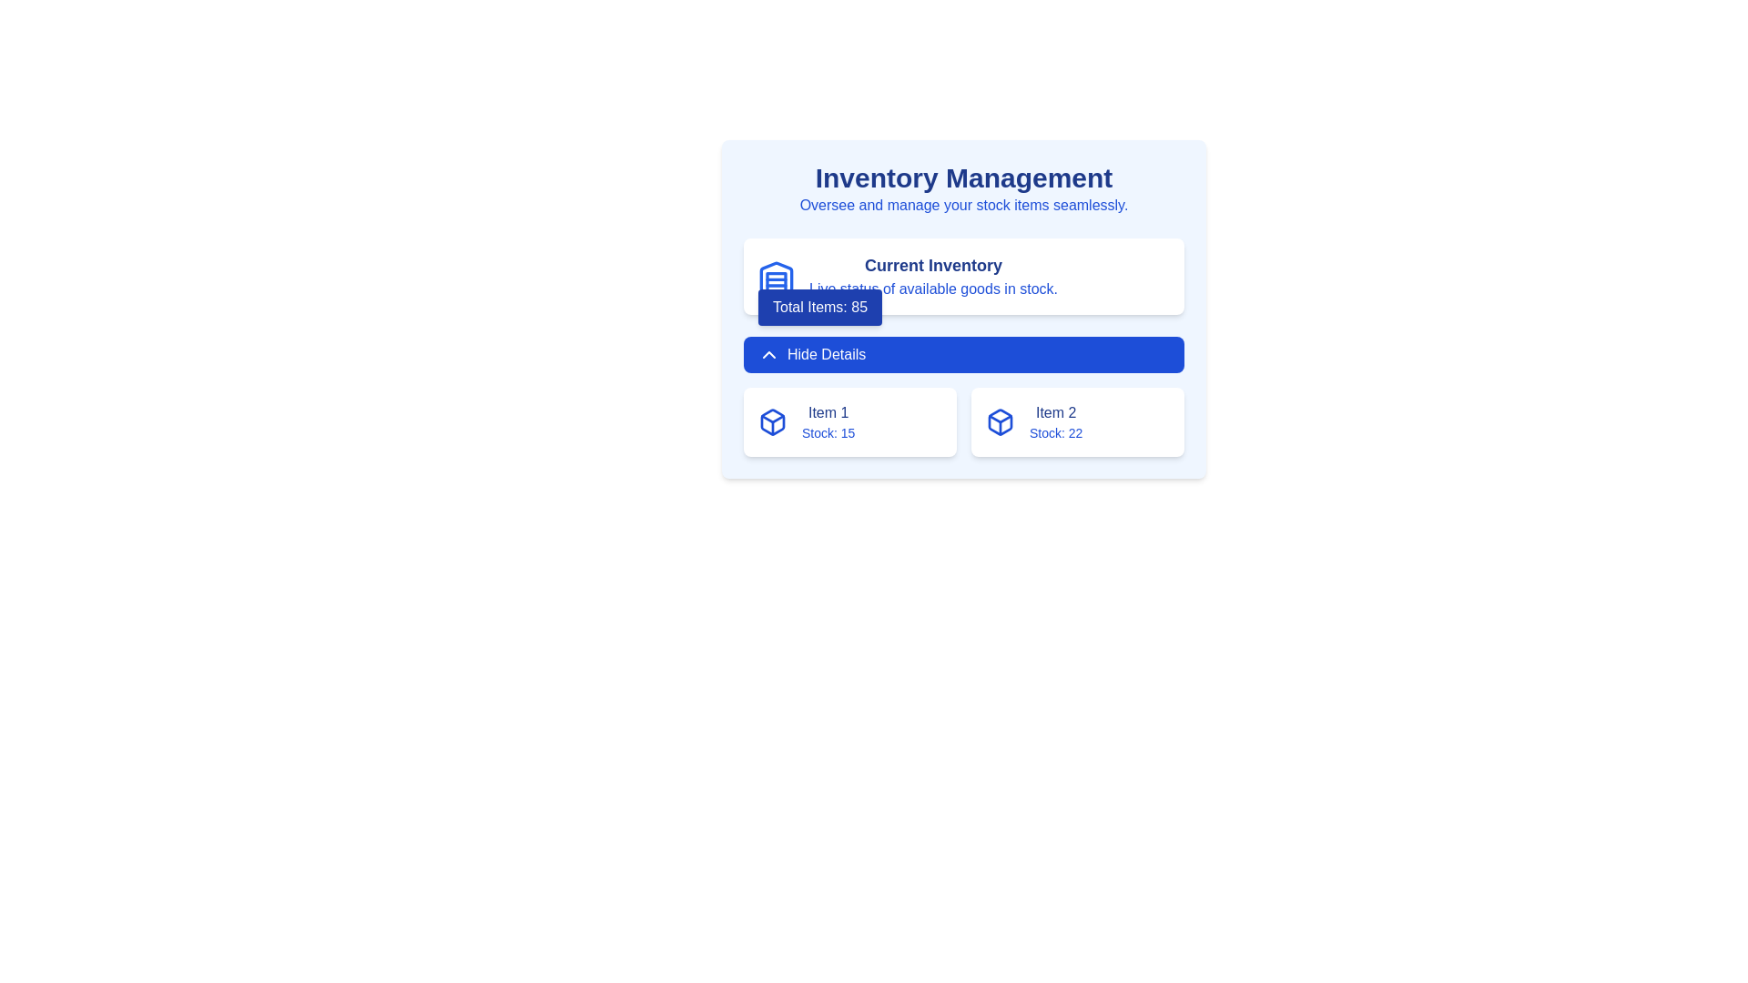 The height and width of the screenshot is (983, 1748). What do you see at coordinates (1000, 421) in the screenshot?
I see `the inventory item icon representing 'Item 1' in the inventory management interface as a visual reference for its associated text and stock value` at bounding box center [1000, 421].